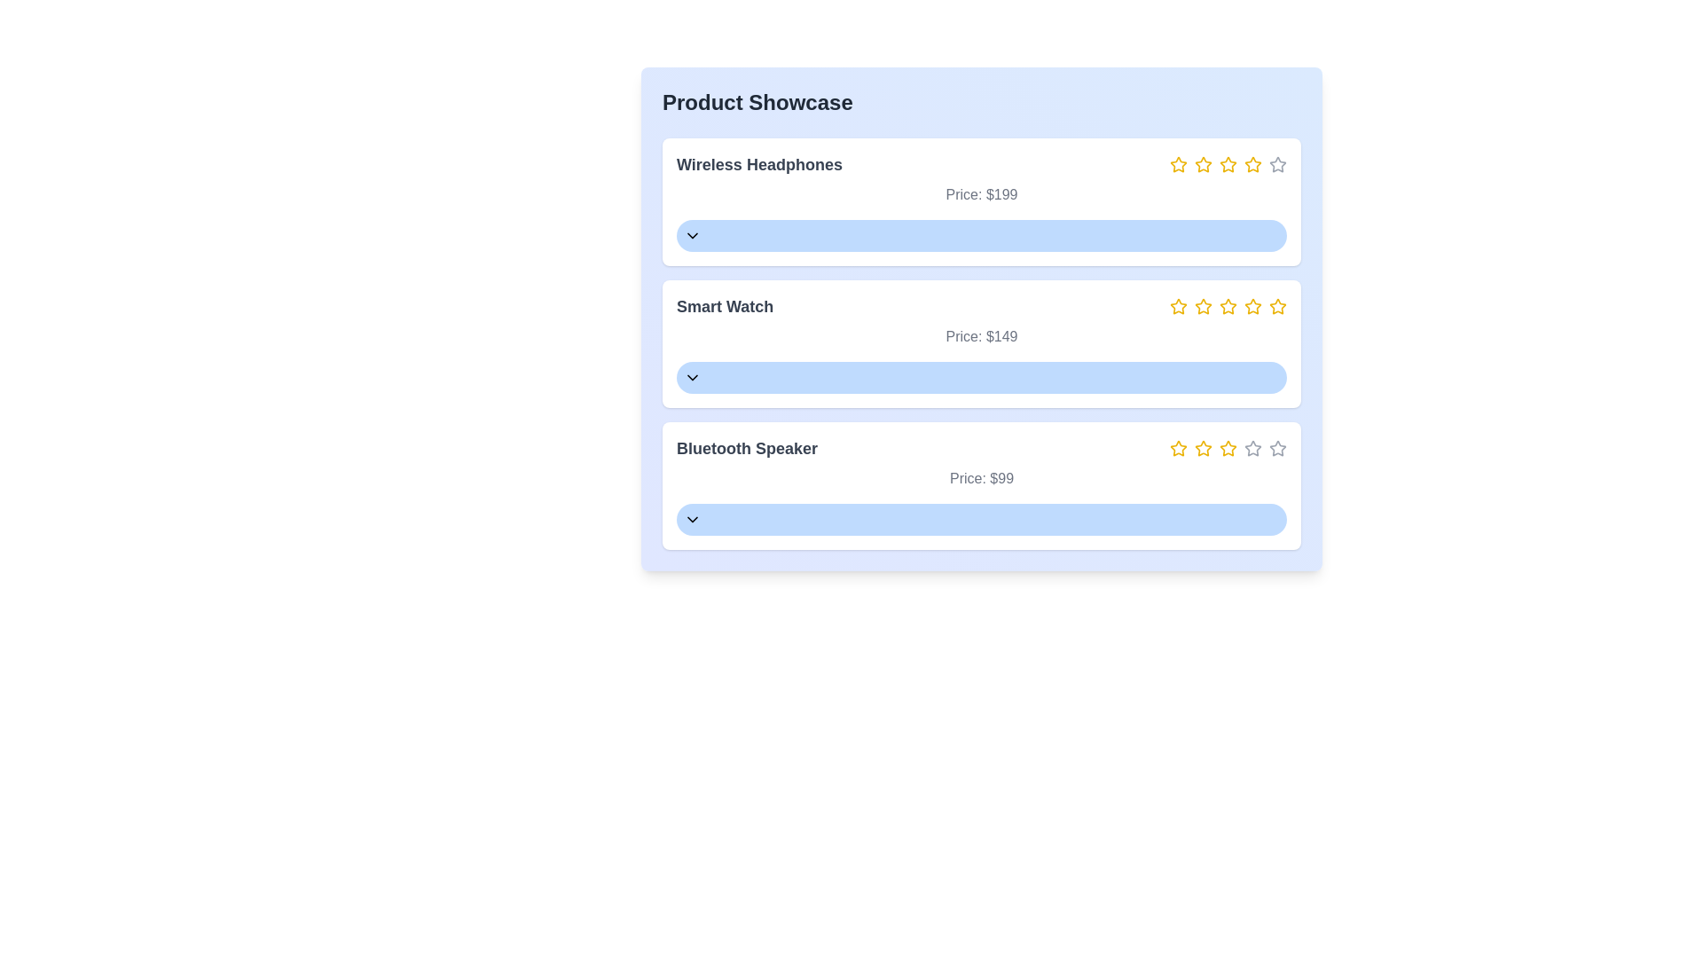 The image size is (1703, 958). What do you see at coordinates (1204, 305) in the screenshot?
I see `the third Rating Star Icon in the 'Smart Watch' section to rate the product with a score of 3` at bounding box center [1204, 305].